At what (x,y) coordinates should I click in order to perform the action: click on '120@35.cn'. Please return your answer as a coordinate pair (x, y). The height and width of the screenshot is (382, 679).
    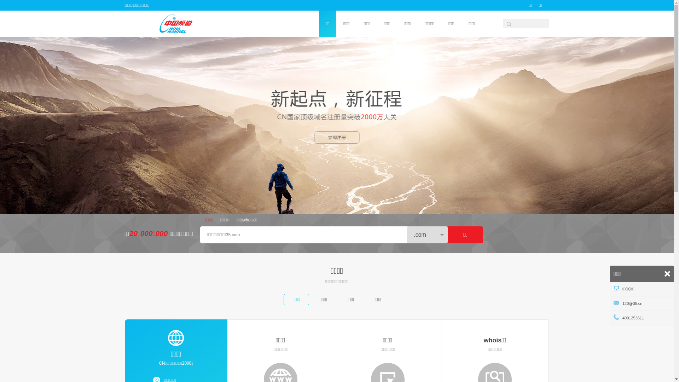
    Looking at the image, I should click on (642, 303).